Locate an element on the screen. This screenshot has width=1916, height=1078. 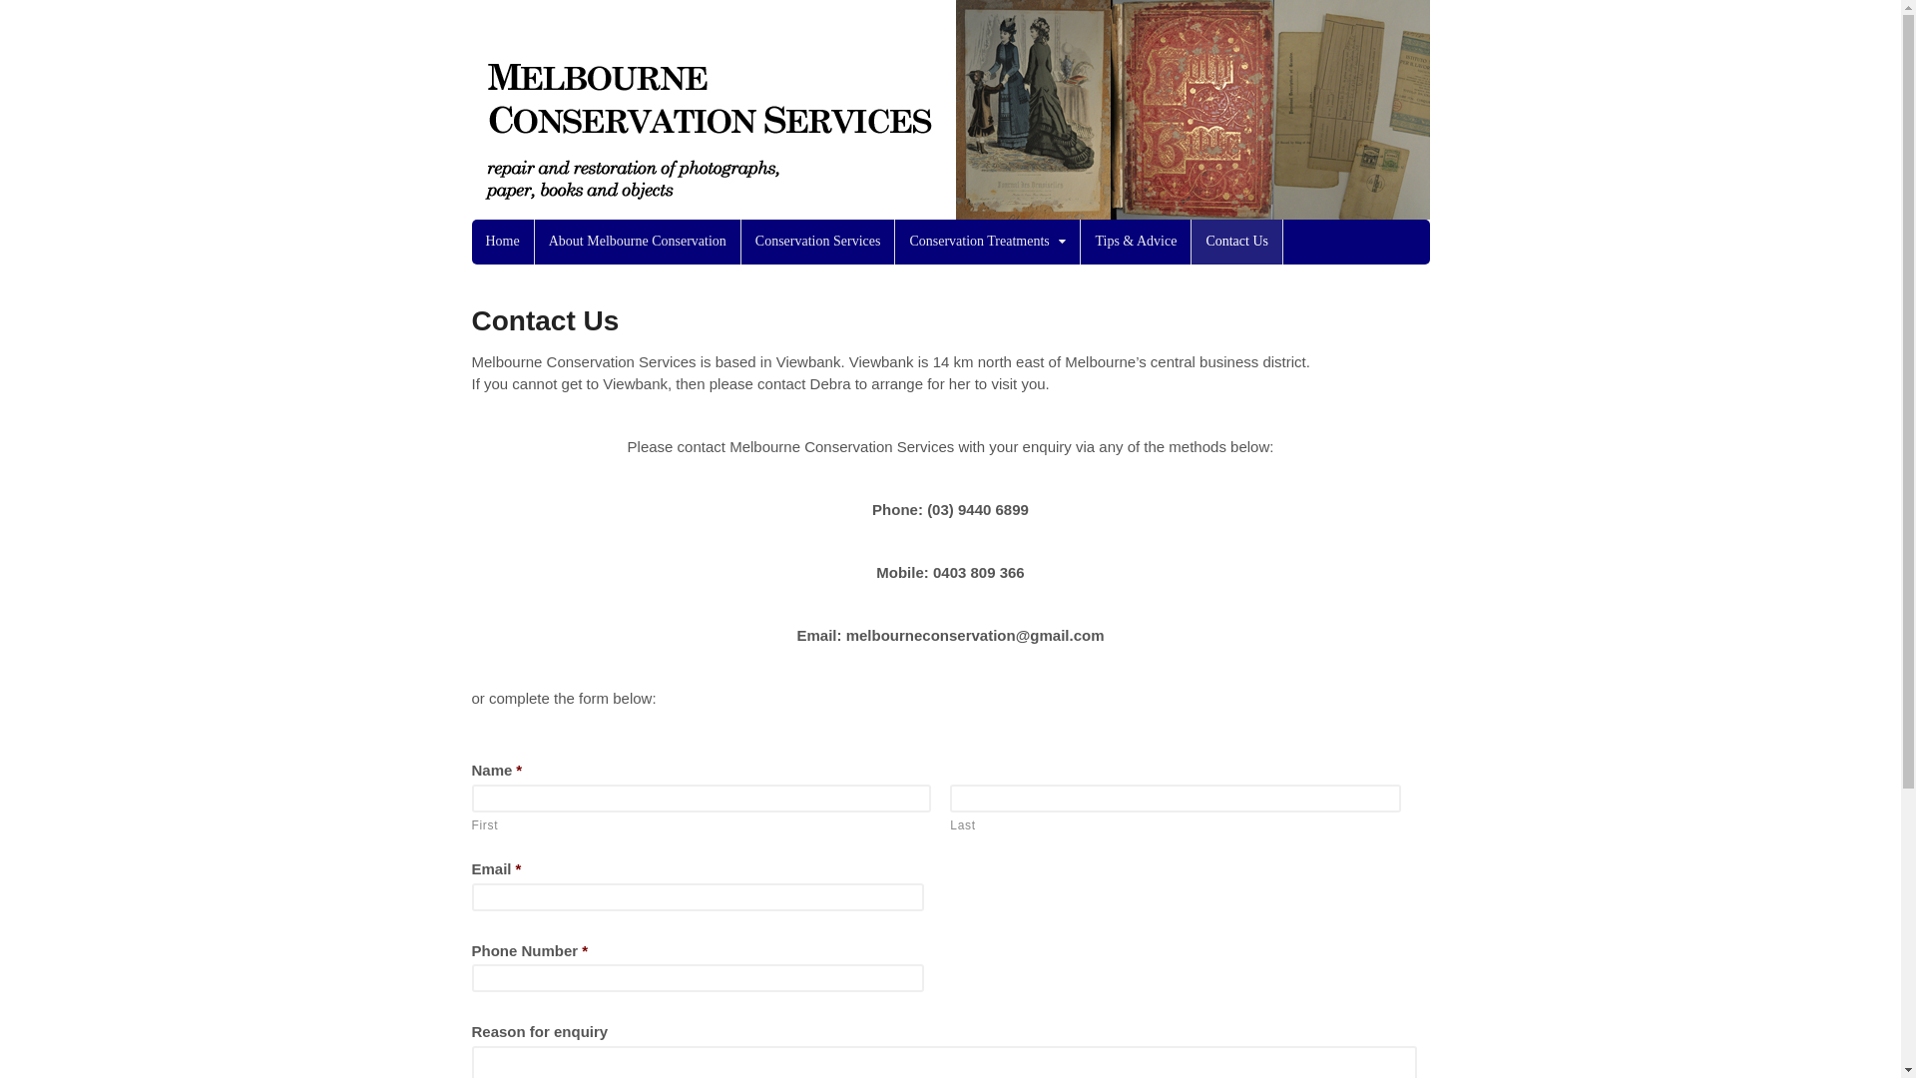
'Contact Us' is located at coordinates (1235, 241).